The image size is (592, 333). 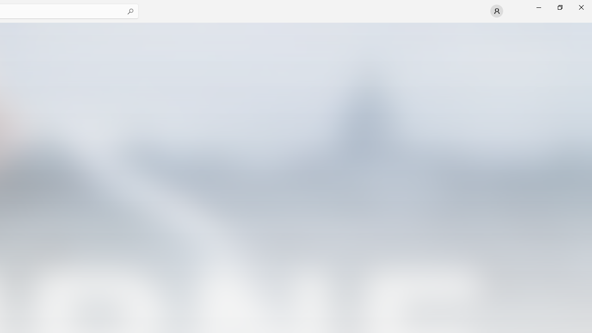 I want to click on 'Minimize Microsoft Store', so click(x=538, y=7).